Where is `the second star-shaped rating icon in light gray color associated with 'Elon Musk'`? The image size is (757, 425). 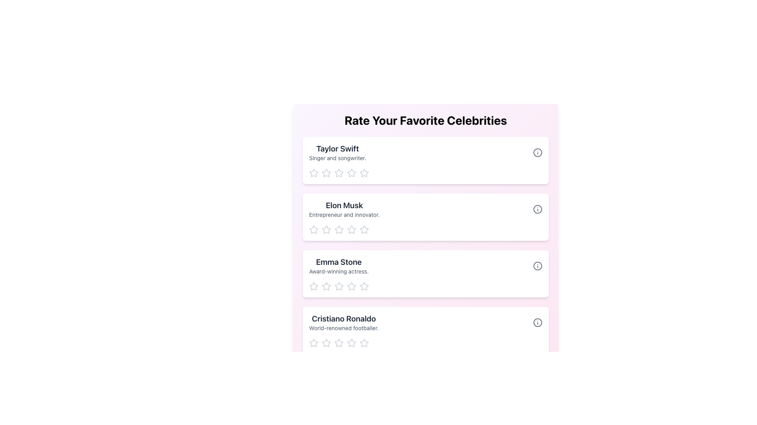 the second star-shaped rating icon in light gray color associated with 'Elon Musk' is located at coordinates (339, 229).